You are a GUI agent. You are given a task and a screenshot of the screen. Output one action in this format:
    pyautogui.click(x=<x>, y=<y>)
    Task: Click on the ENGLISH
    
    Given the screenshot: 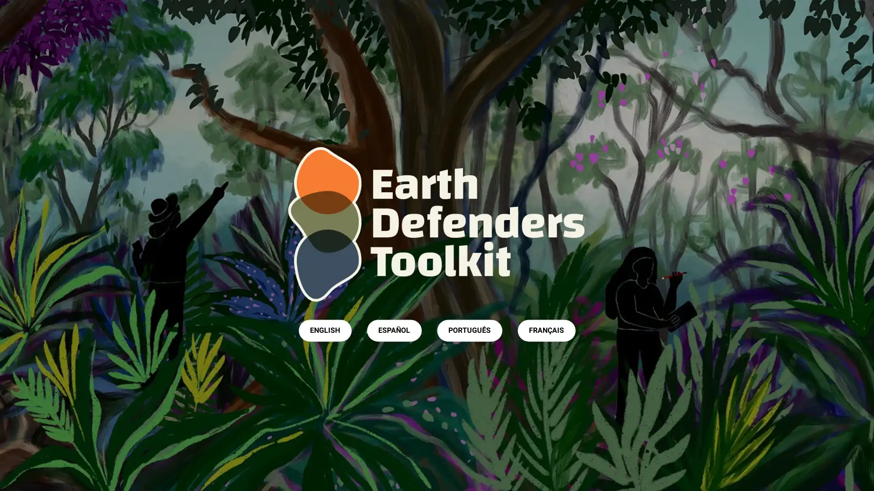 What is the action you would take?
    pyautogui.click(x=325, y=330)
    